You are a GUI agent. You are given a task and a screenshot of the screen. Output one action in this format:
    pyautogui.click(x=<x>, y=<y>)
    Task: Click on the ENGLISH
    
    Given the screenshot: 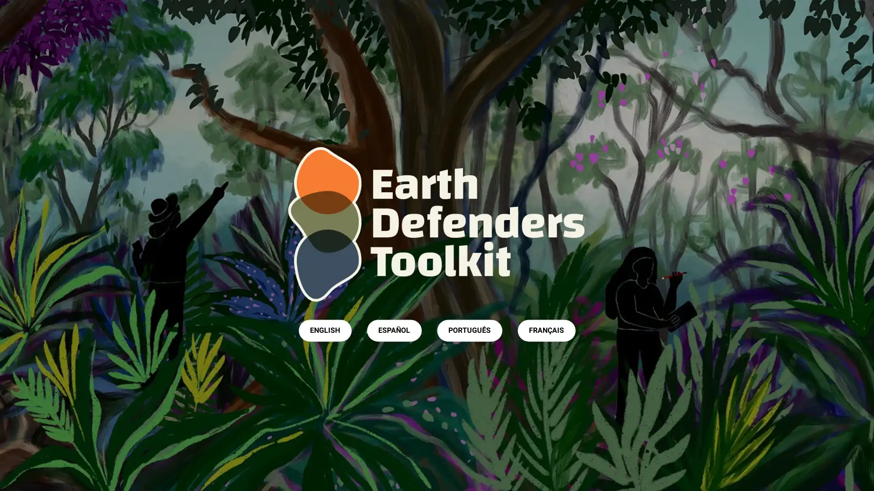 What is the action you would take?
    pyautogui.click(x=325, y=330)
    